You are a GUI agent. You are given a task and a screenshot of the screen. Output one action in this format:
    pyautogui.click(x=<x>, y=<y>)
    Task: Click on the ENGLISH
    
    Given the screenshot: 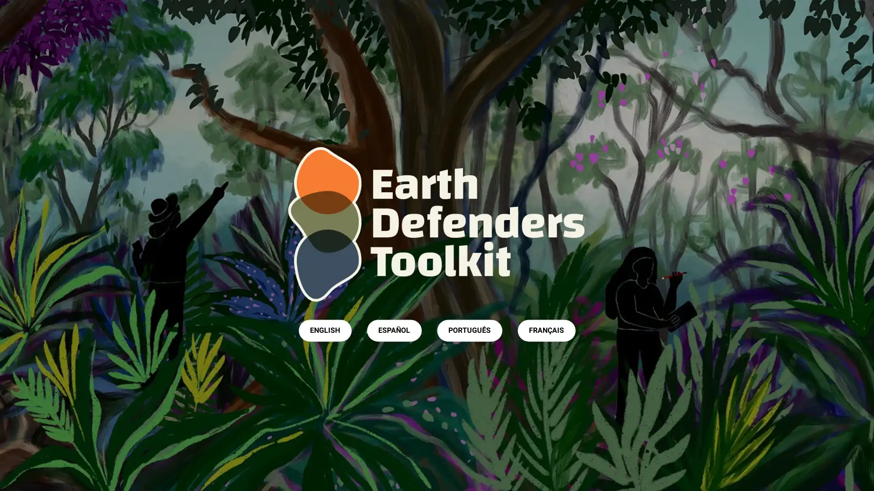 What is the action you would take?
    pyautogui.click(x=325, y=330)
    